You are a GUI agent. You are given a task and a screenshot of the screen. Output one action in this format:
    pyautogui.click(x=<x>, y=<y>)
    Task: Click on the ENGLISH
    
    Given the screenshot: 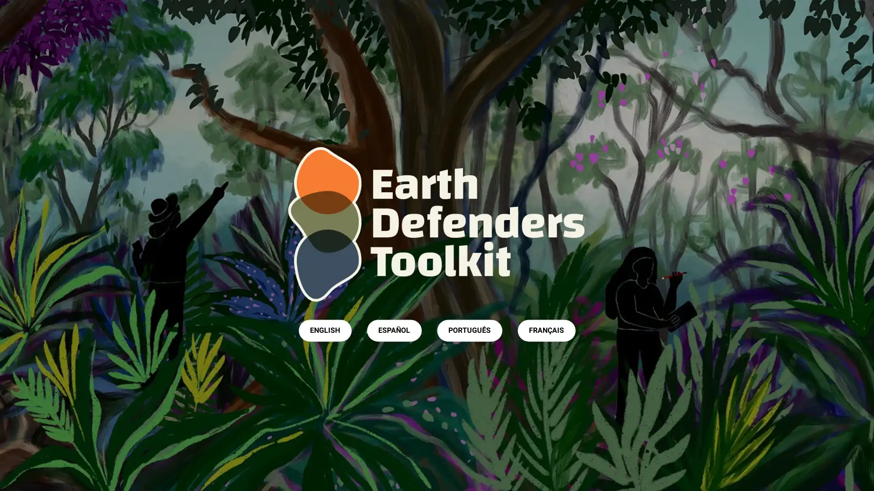 What is the action you would take?
    pyautogui.click(x=325, y=330)
    